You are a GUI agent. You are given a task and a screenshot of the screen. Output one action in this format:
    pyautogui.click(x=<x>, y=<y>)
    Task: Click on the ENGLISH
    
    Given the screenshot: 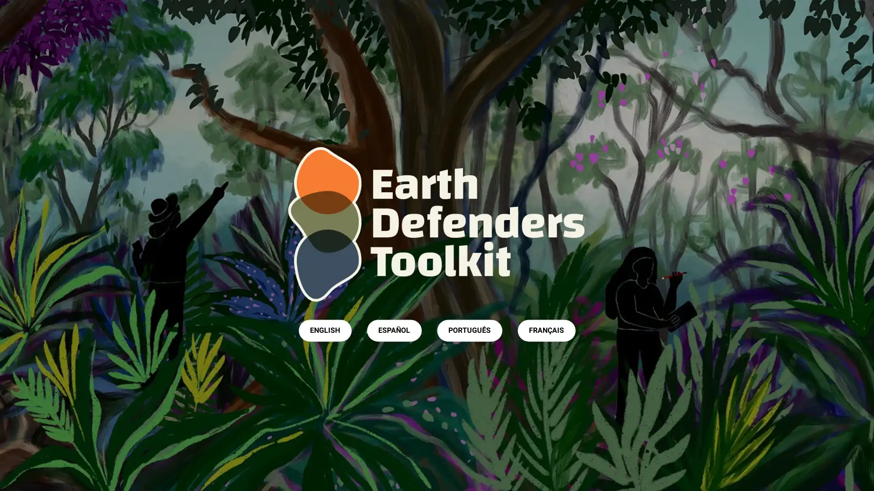 What is the action you would take?
    pyautogui.click(x=325, y=330)
    